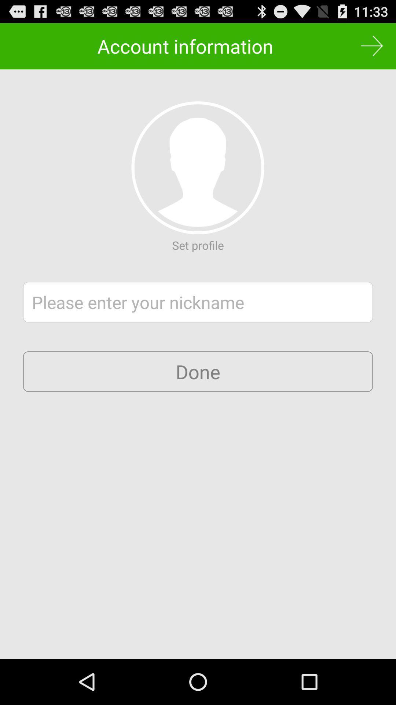 The width and height of the screenshot is (396, 705). I want to click on icon above the set profile icon, so click(197, 167).